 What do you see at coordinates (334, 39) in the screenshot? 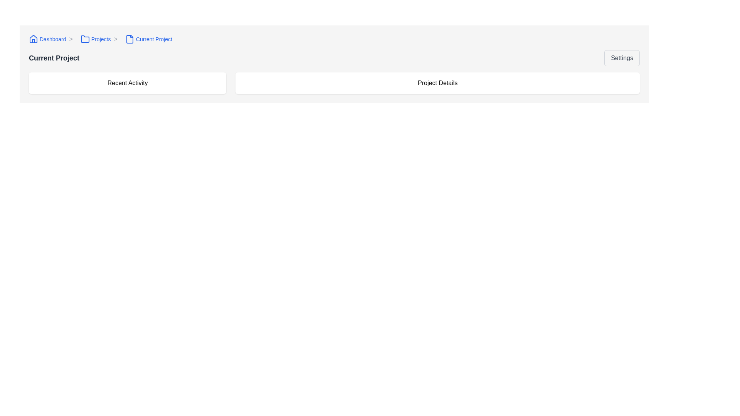
I see `the Breadcrumb navigation bar segment links` at bounding box center [334, 39].